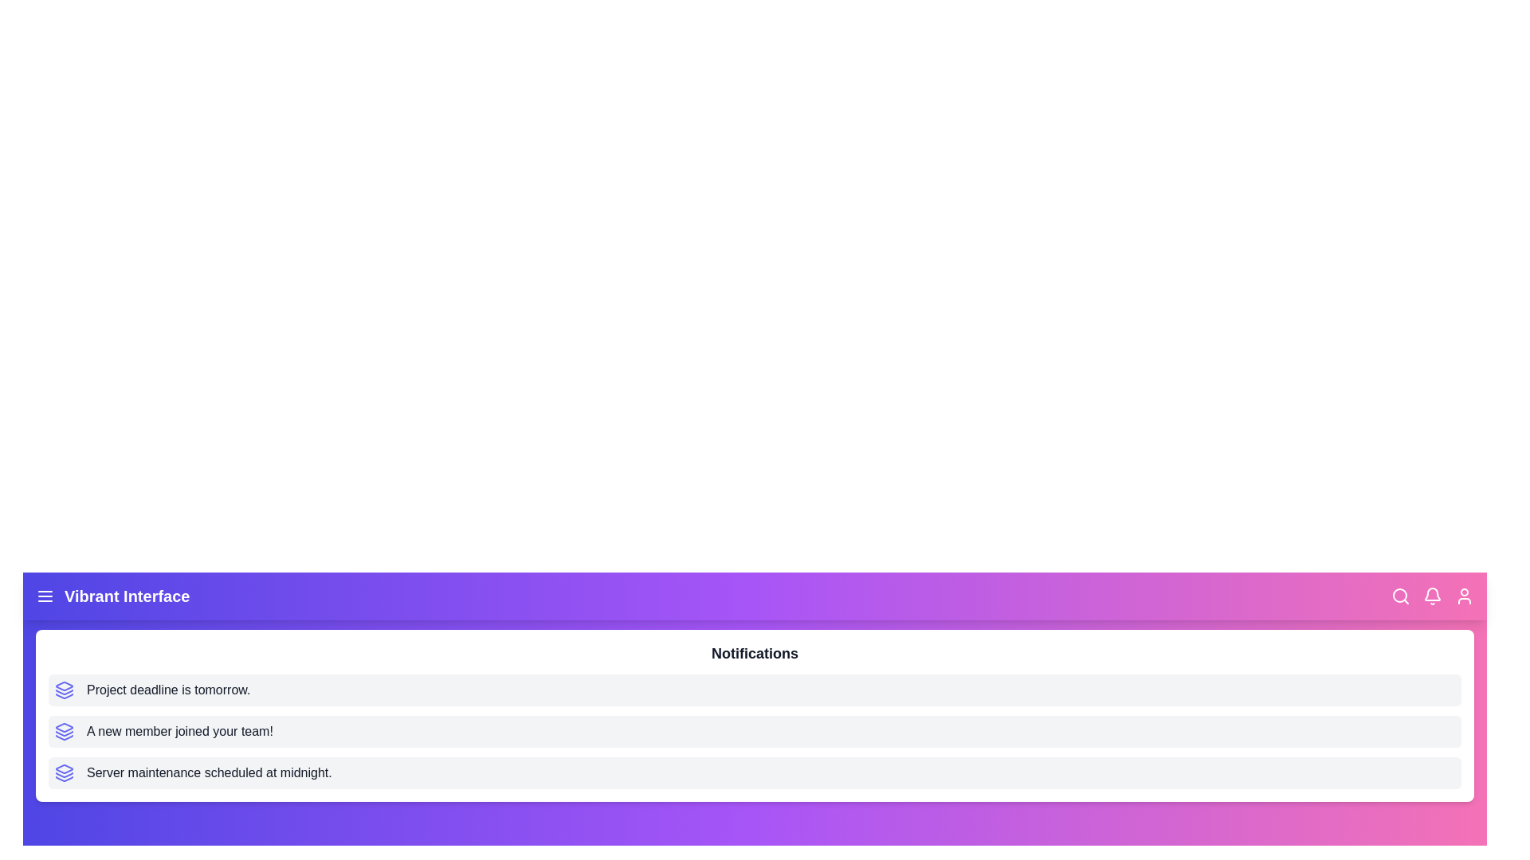 This screenshot has width=1530, height=860. What do you see at coordinates (1399, 596) in the screenshot?
I see `the search icon to initiate a search` at bounding box center [1399, 596].